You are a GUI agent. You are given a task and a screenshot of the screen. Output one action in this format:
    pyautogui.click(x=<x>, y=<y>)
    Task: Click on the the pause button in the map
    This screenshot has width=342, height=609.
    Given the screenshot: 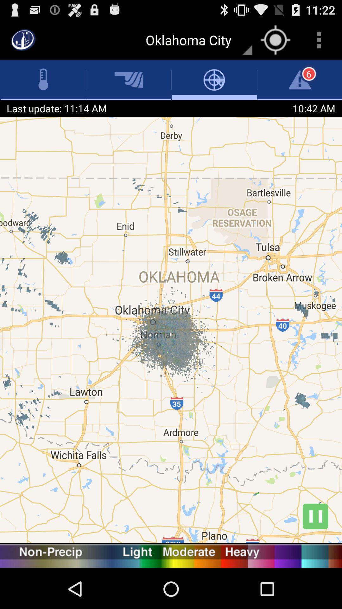 What is the action you would take?
    pyautogui.click(x=315, y=516)
    